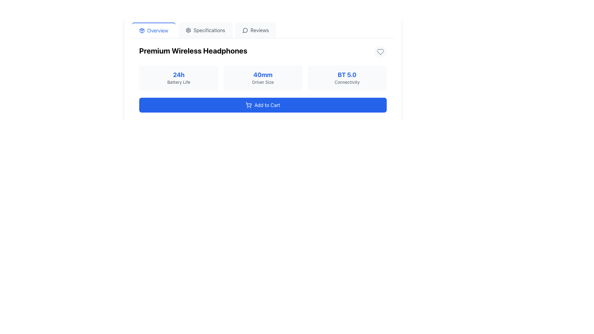 The height and width of the screenshot is (334, 594). What do you see at coordinates (255, 30) in the screenshot?
I see `the 'Reviews' button` at bounding box center [255, 30].